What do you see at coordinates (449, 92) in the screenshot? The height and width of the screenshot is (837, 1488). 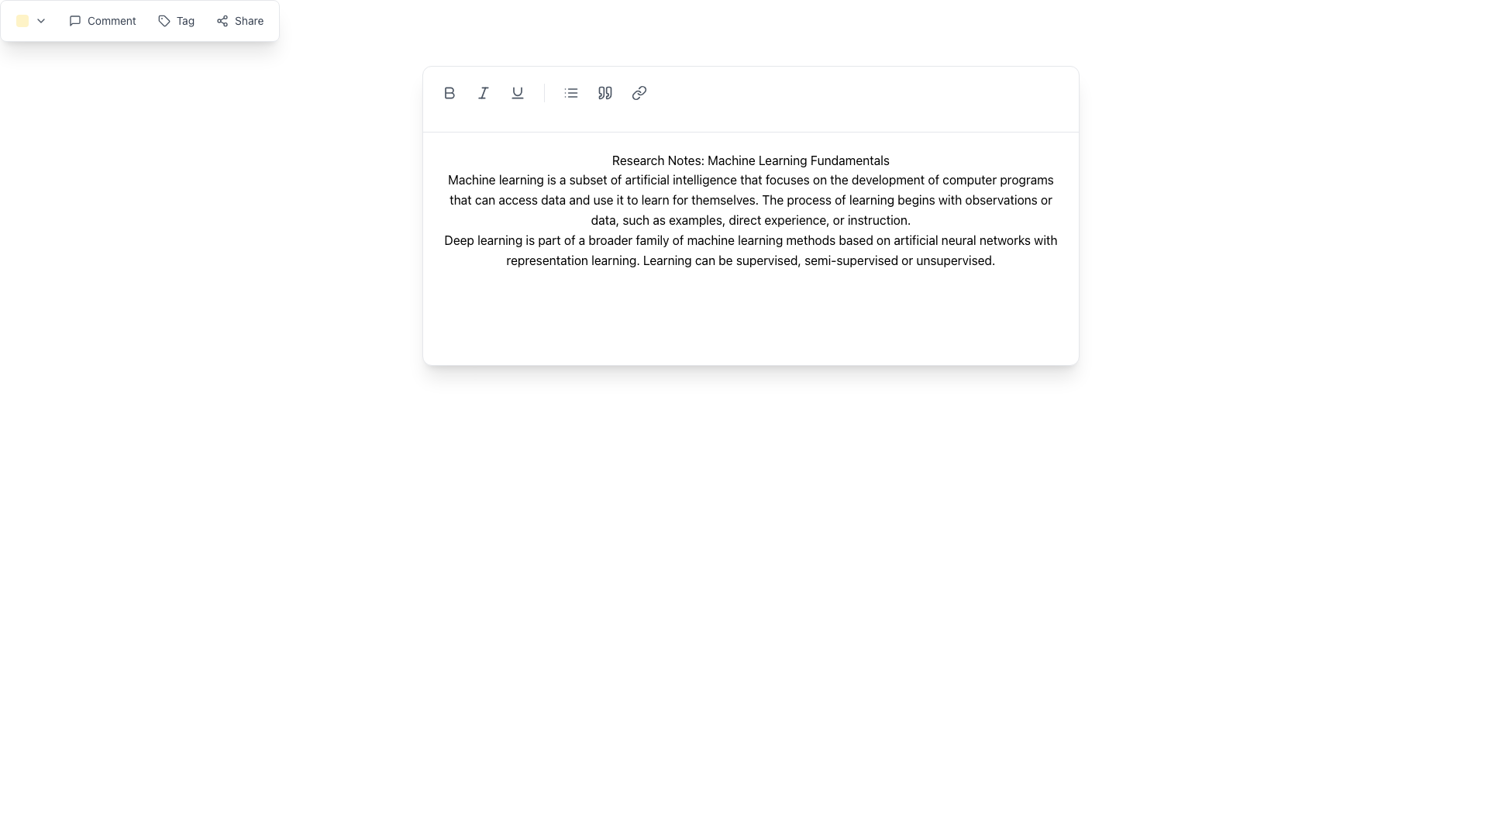 I see `the square button with a bold 'B' icon located in the upper-left section of the toolbar` at bounding box center [449, 92].